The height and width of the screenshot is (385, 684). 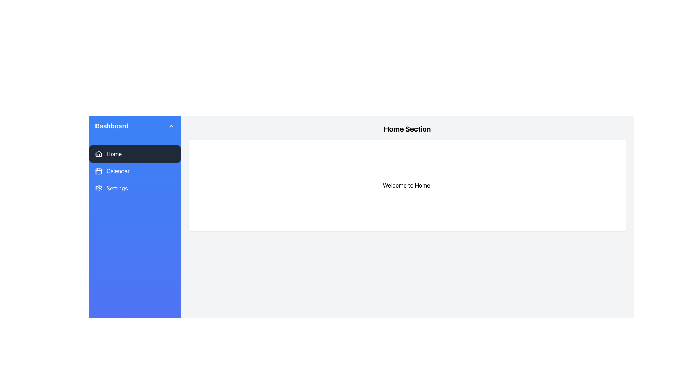 What do you see at coordinates (98, 153) in the screenshot?
I see `the 'Home' icon in the navigation menu, which is positioned directly to the left of the 'Home' label and above the 'Calendar' icon, to navigate to the main dashboard` at bounding box center [98, 153].